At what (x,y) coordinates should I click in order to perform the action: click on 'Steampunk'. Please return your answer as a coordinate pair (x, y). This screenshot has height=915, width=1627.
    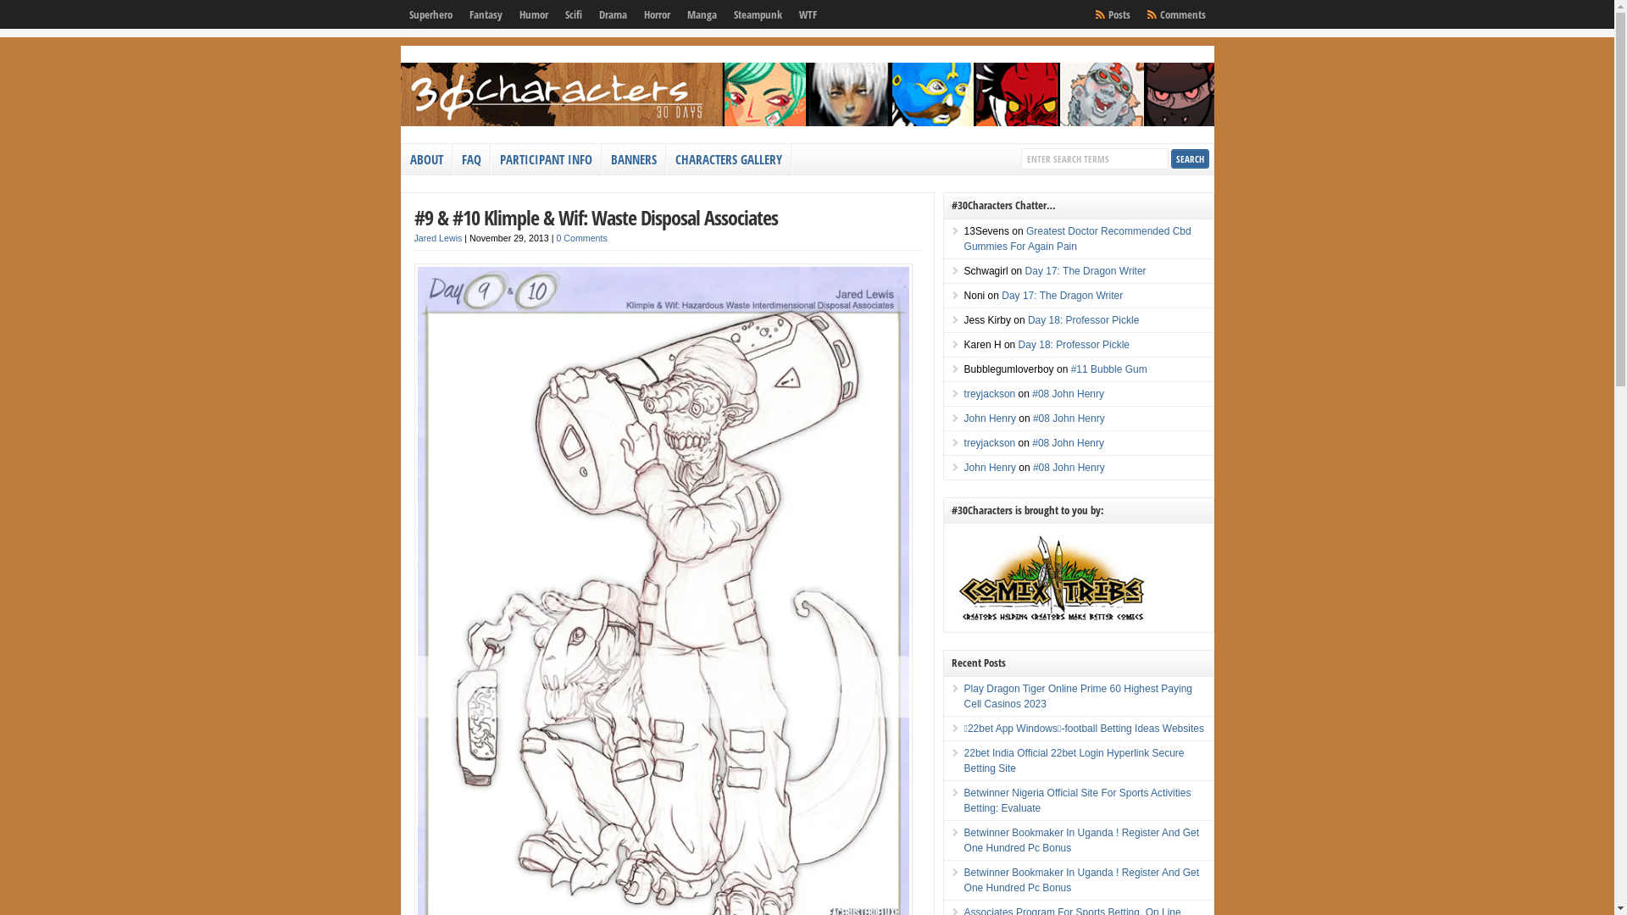
    Looking at the image, I should click on (757, 14).